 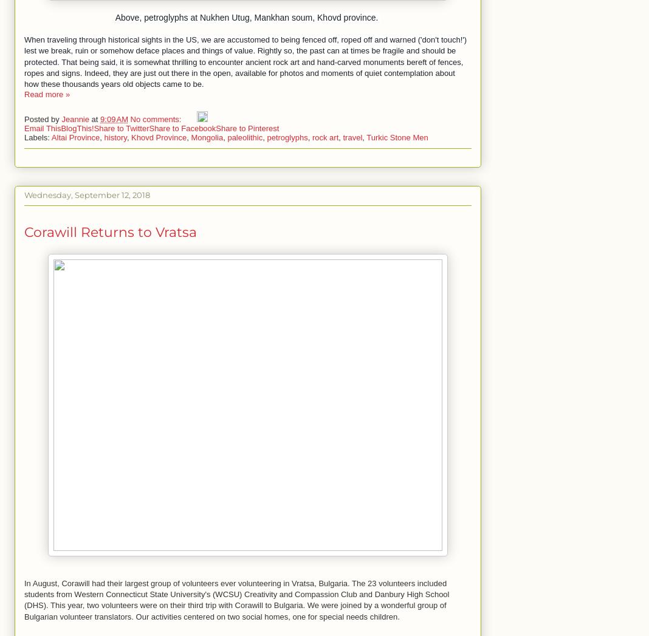 I want to click on '9:09 AM', so click(x=114, y=118).